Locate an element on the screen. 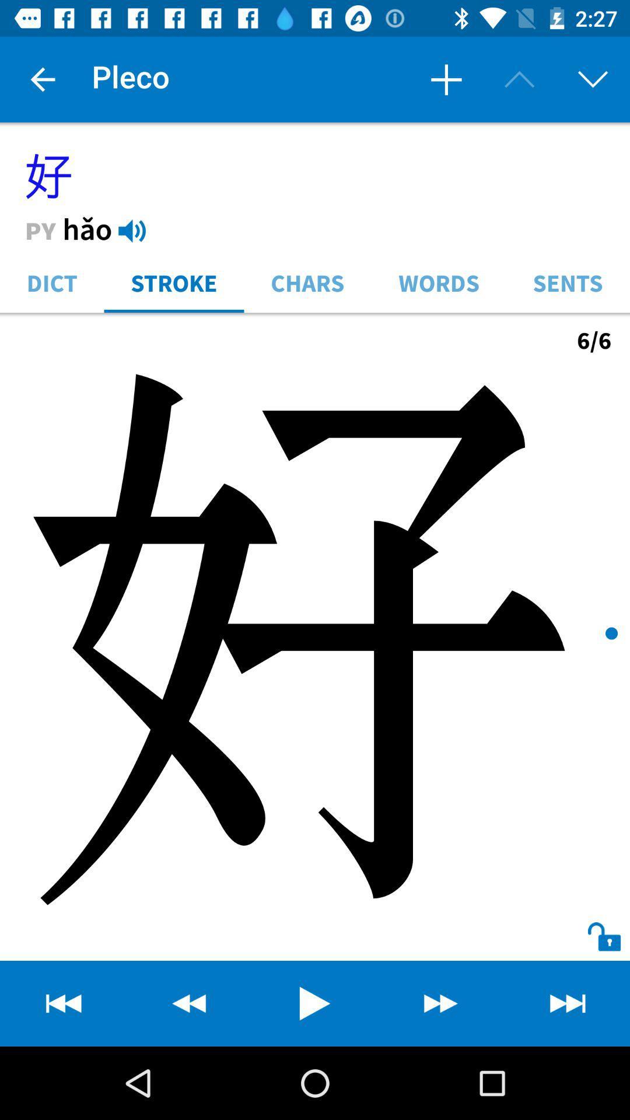 The width and height of the screenshot is (630, 1120). the av_forward icon is located at coordinates (441, 1003).